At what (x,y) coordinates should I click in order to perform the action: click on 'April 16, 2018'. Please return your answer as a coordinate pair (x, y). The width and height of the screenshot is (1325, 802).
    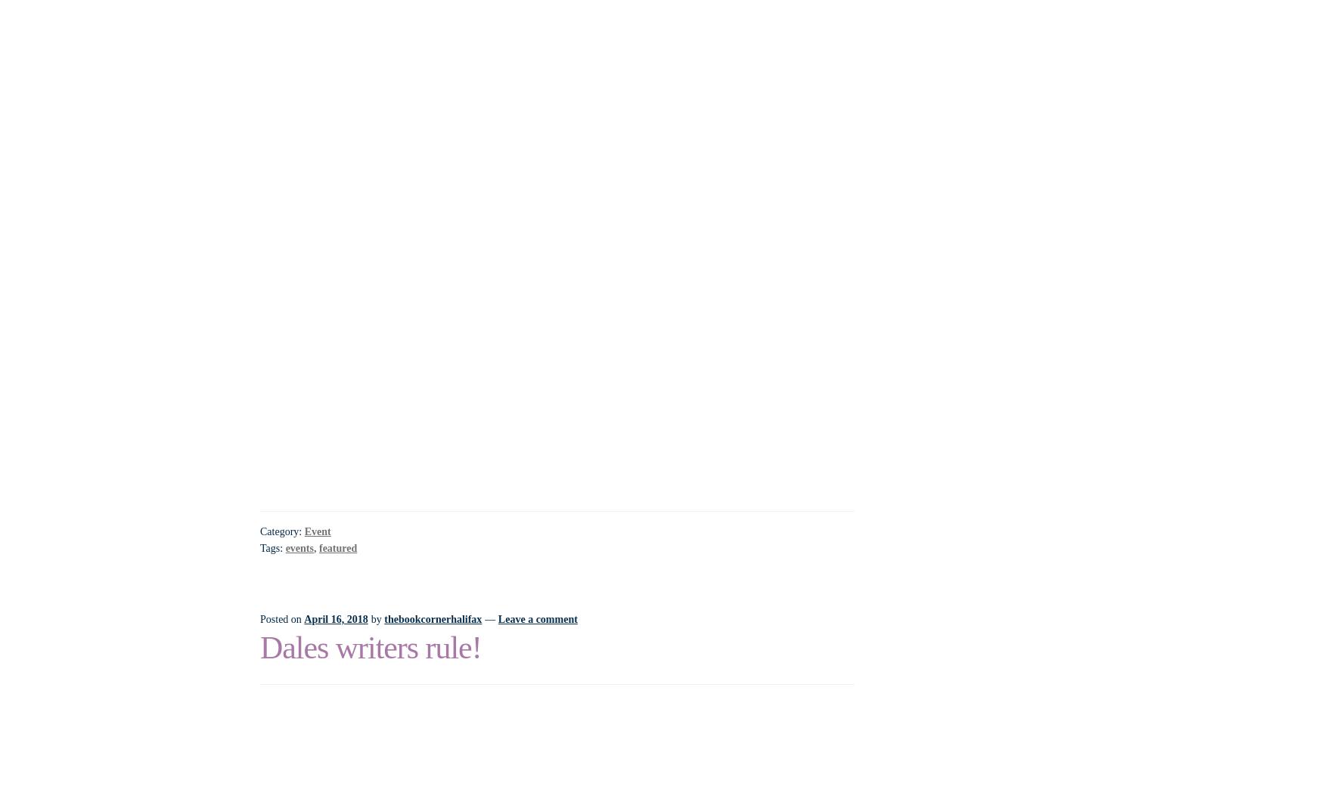
    Looking at the image, I should click on (335, 618).